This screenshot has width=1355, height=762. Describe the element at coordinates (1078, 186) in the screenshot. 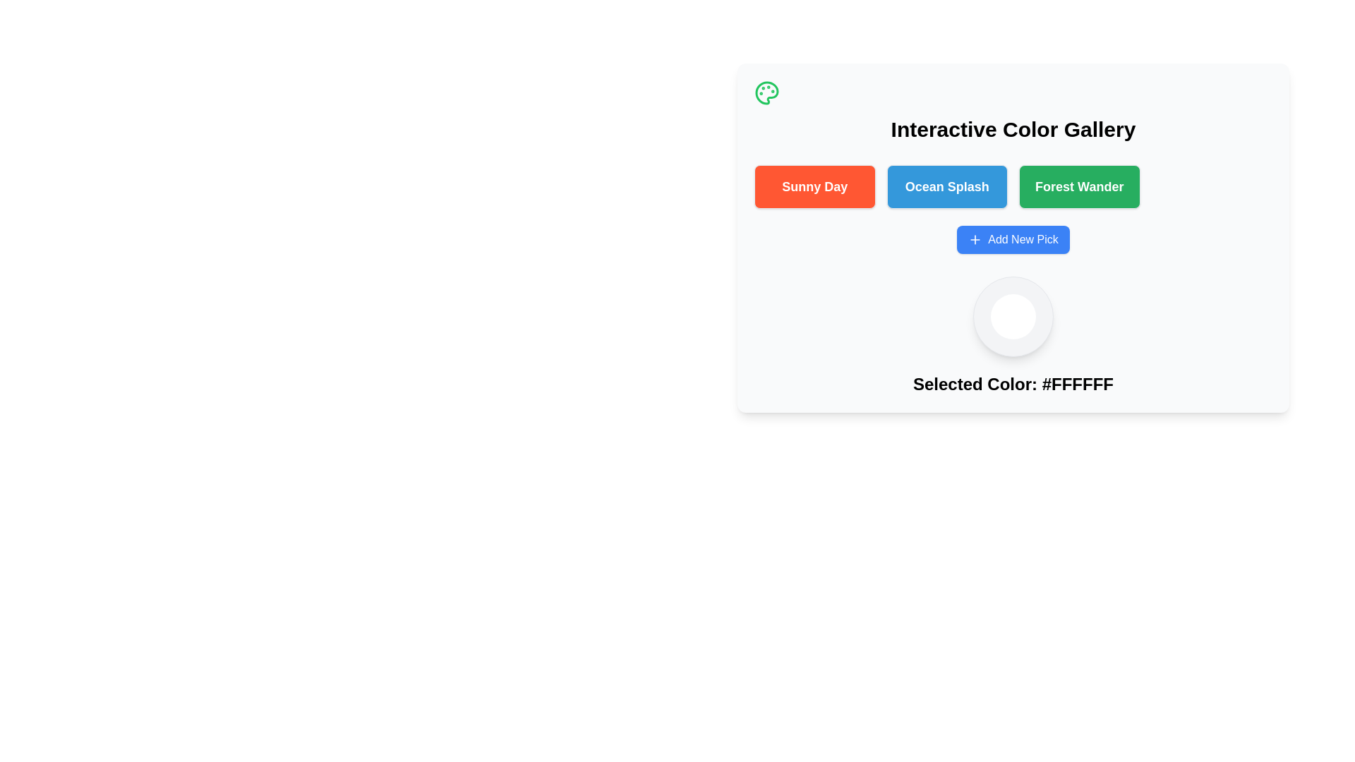

I see `the 'Forest Wander' button, which is a green rectangular button with rounded corners and bold white text, to trigger any hover effects or tooltips` at that location.